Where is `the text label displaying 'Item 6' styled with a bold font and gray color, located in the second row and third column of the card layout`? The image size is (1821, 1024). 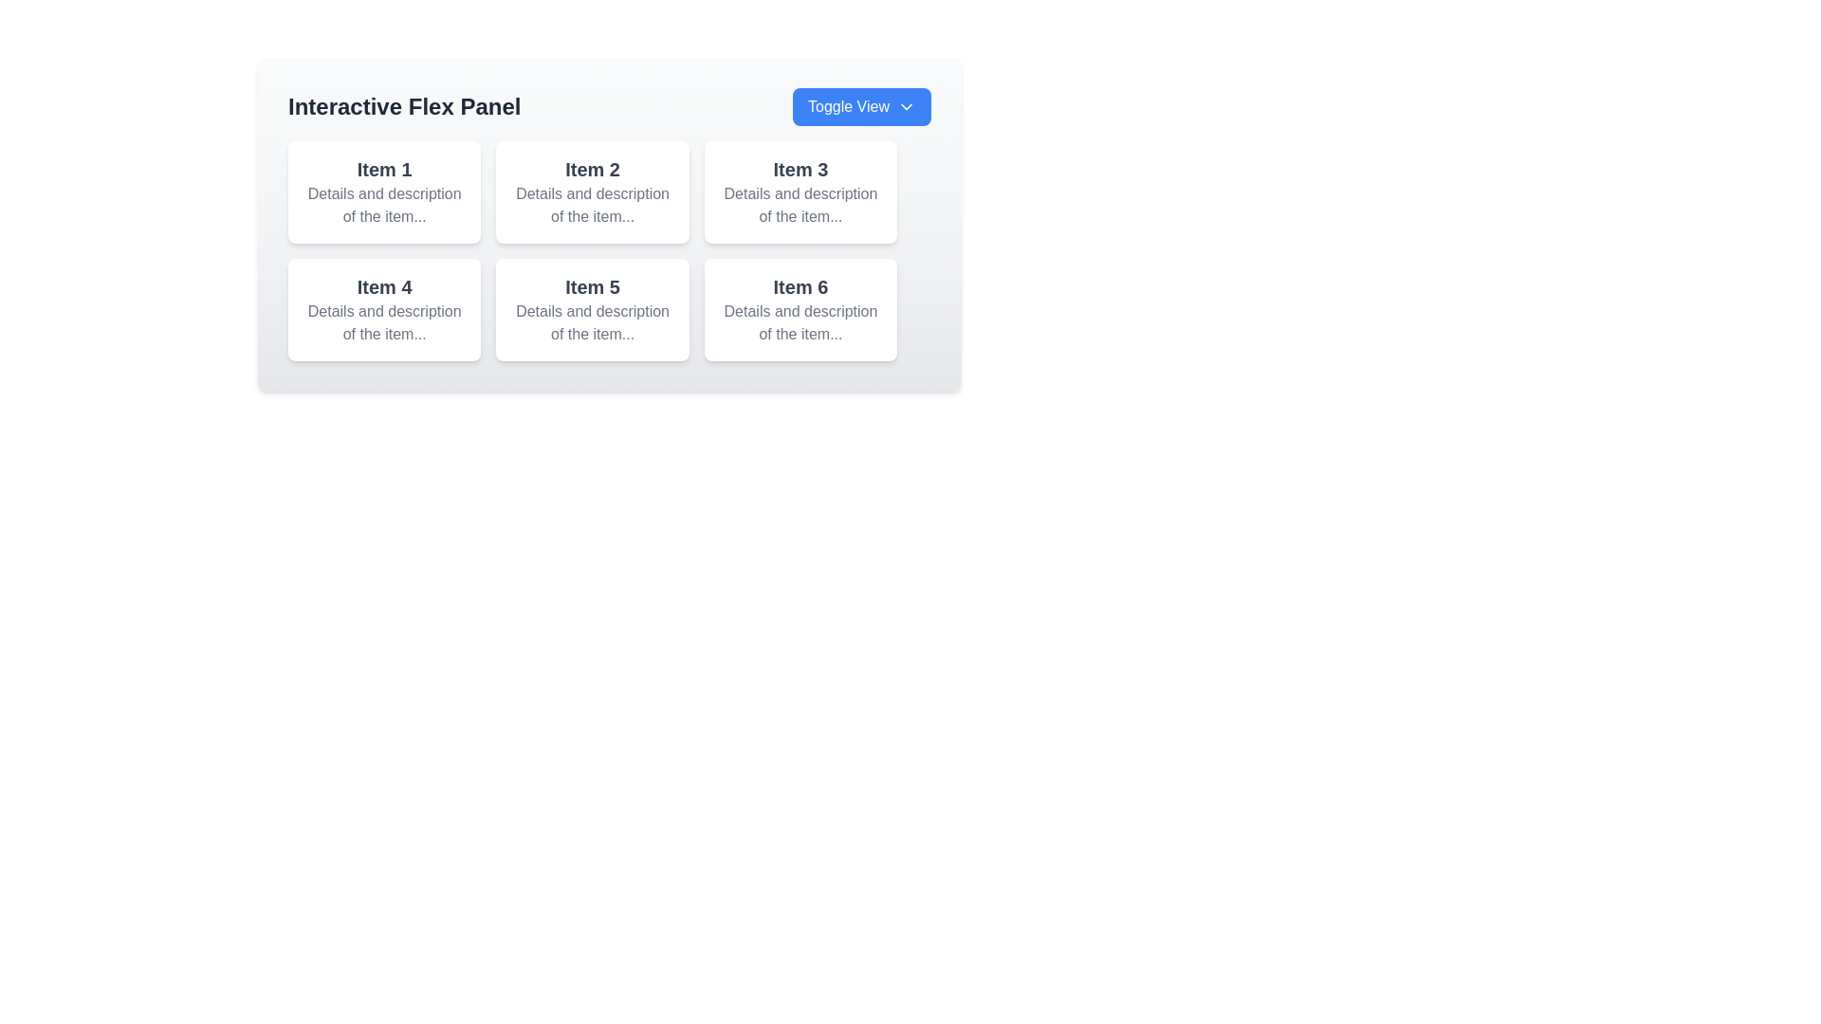 the text label displaying 'Item 6' styled with a bold font and gray color, located in the second row and third column of the card layout is located at coordinates (800, 287).